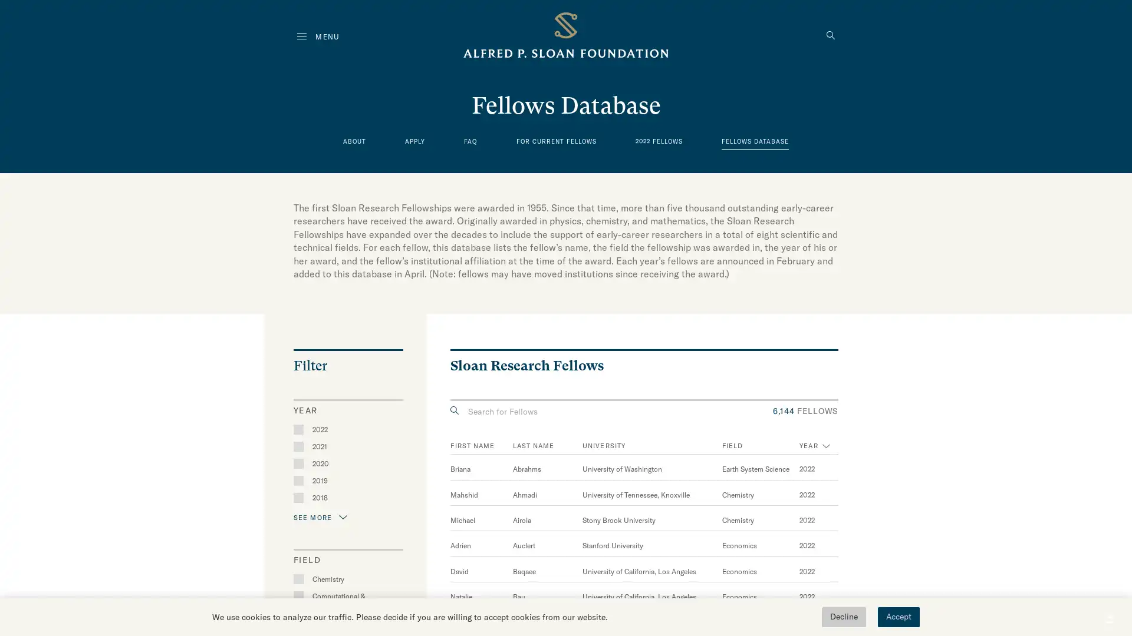 Image resolution: width=1132 pixels, height=636 pixels. Describe the element at coordinates (830, 36) in the screenshot. I see `Click to search the website` at that location.